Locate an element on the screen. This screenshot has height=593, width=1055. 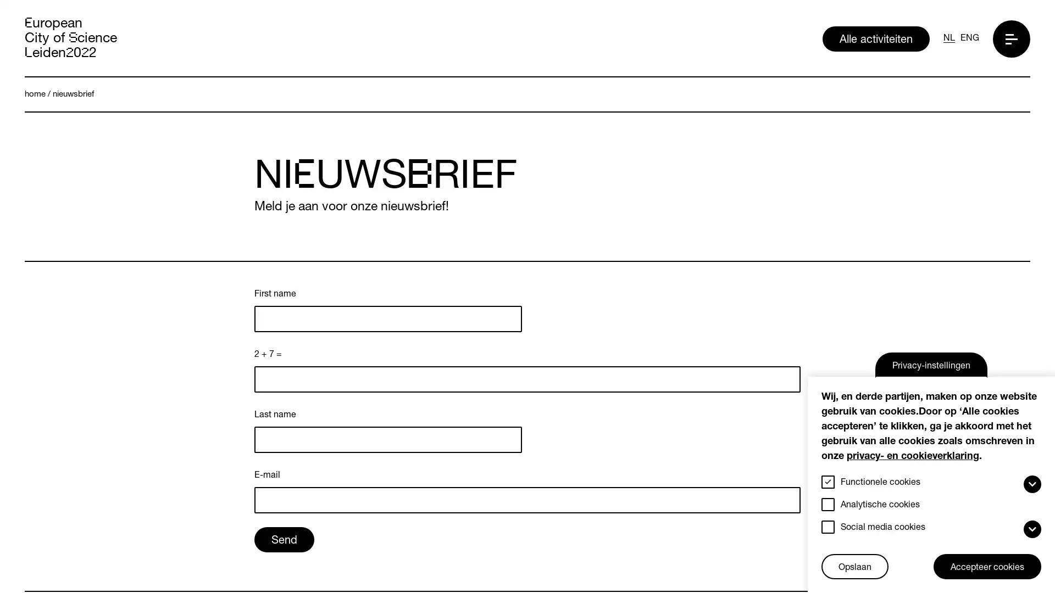
Opslaan is located at coordinates (854, 567).